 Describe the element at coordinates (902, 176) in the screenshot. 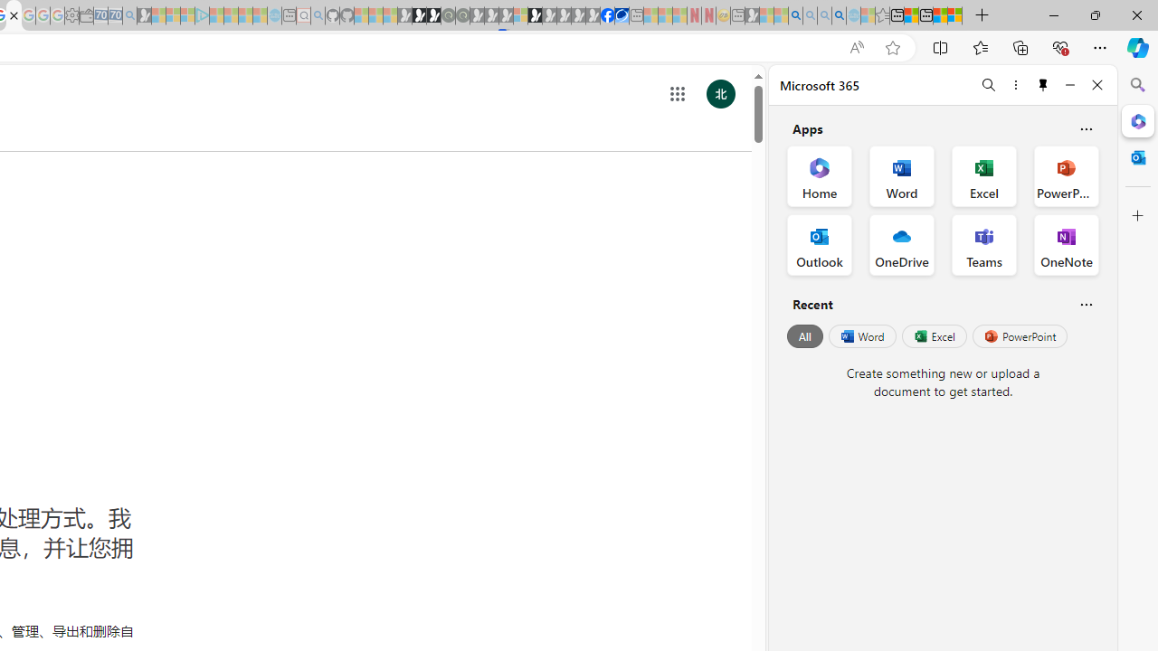

I see `'Word Office App'` at that location.